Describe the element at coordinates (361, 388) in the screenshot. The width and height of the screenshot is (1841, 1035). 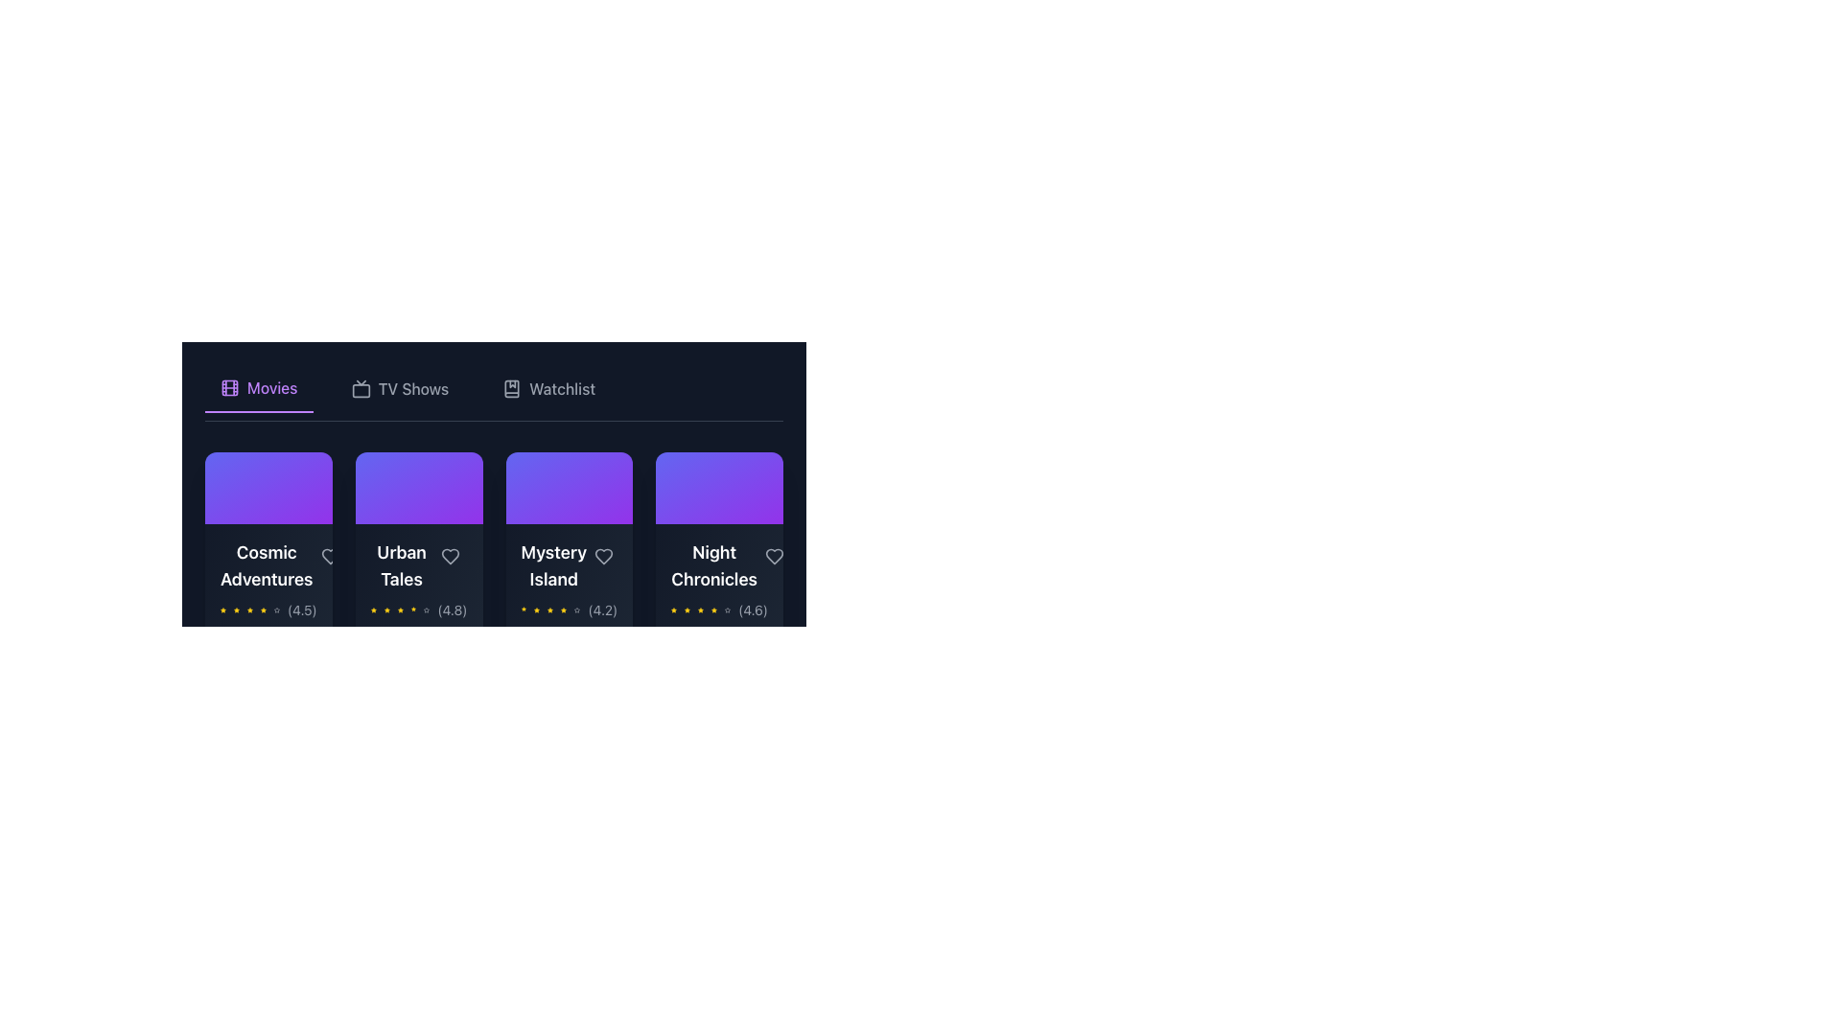
I see `the television icon in the navigation bar` at that location.